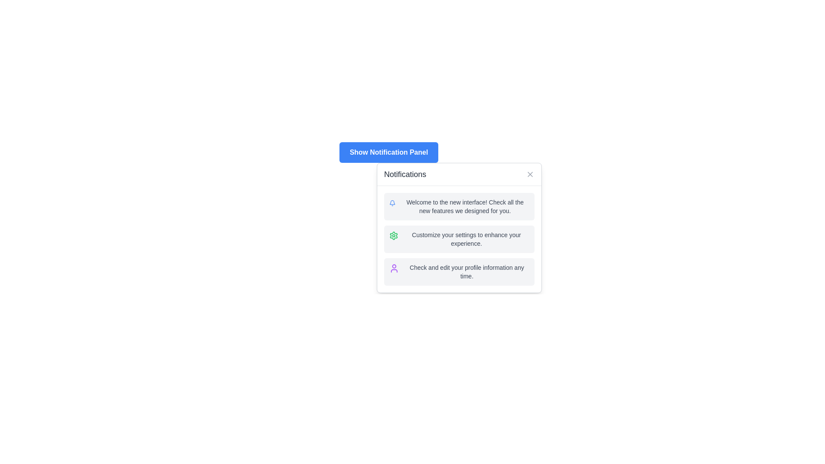 The height and width of the screenshot is (464, 825). Describe the element at coordinates (393, 235) in the screenshot. I see `the prominent green cogwheel icon located centrally within the second notification option in the notifications panel` at that location.